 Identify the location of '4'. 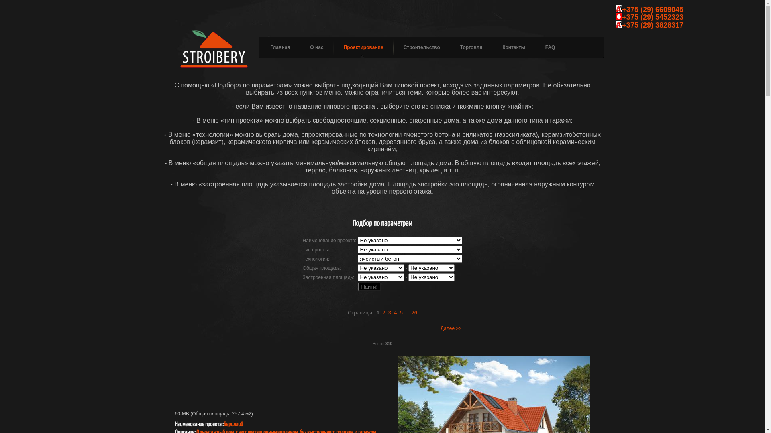
(395, 312).